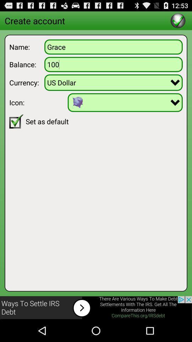 This screenshot has width=192, height=342. What do you see at coordinates (177, 22) in the screenshot?
I see `the check icon` at bounding box center [177, 22].